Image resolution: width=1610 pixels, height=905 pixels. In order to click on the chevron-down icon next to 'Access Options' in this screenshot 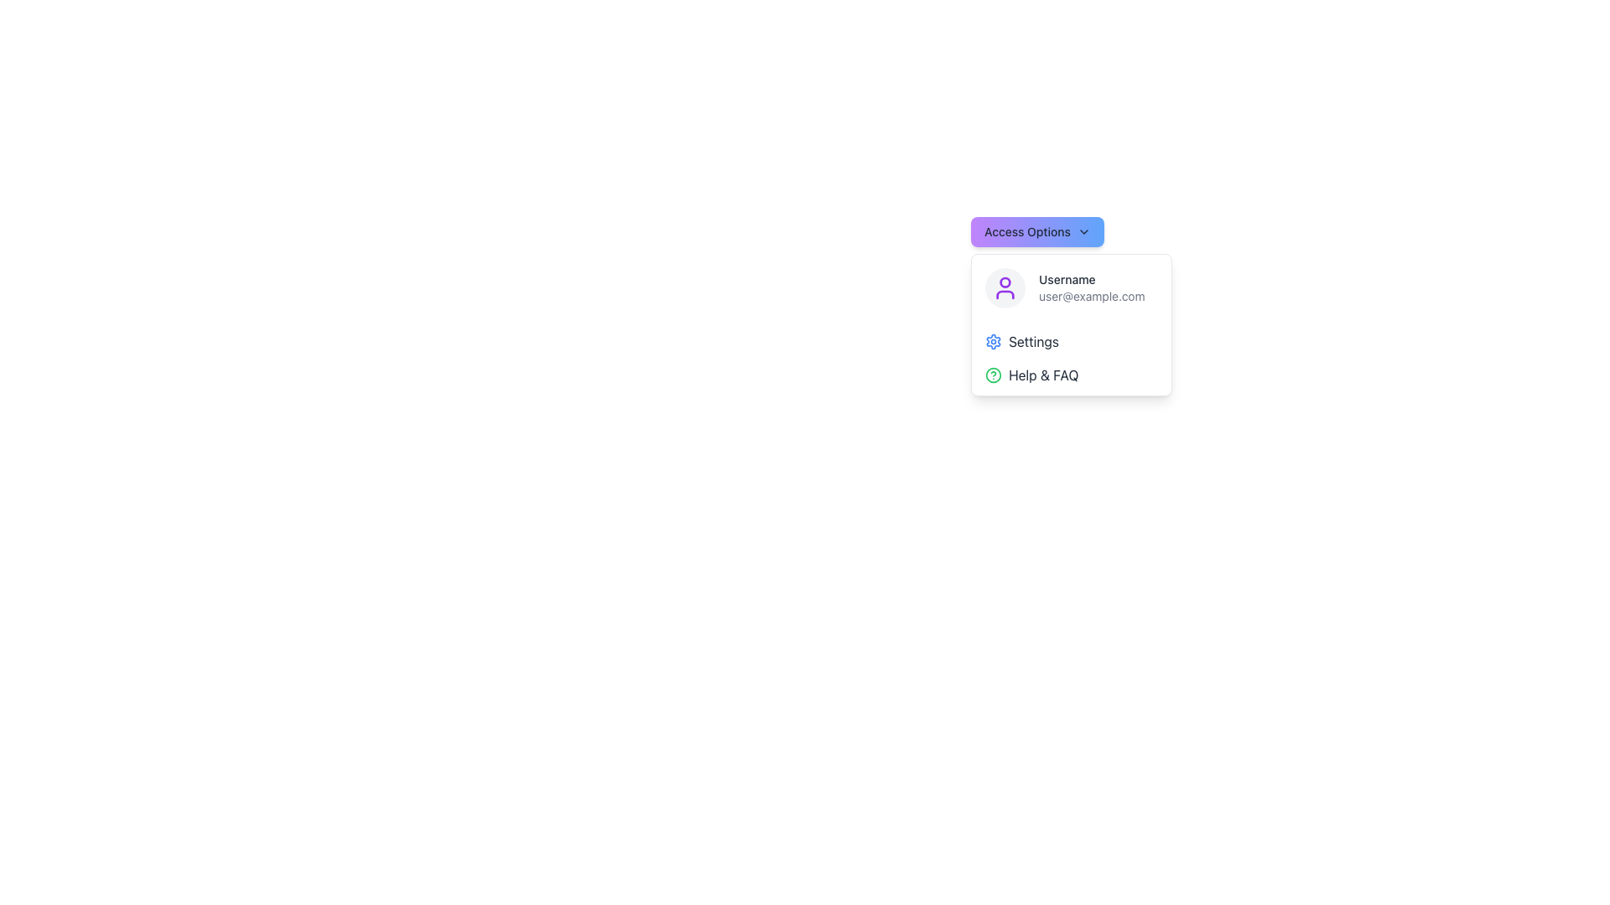, I will do `click(1083, 232)`.